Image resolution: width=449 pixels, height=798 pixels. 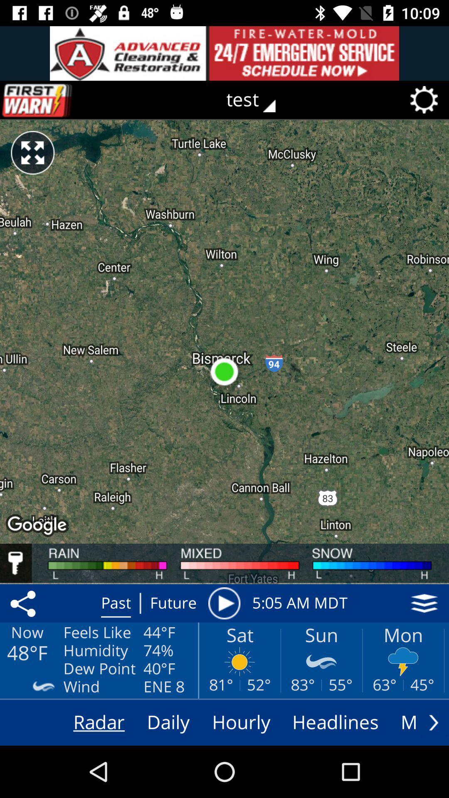 I want to click on scroll right, so click(x=433, y=722).